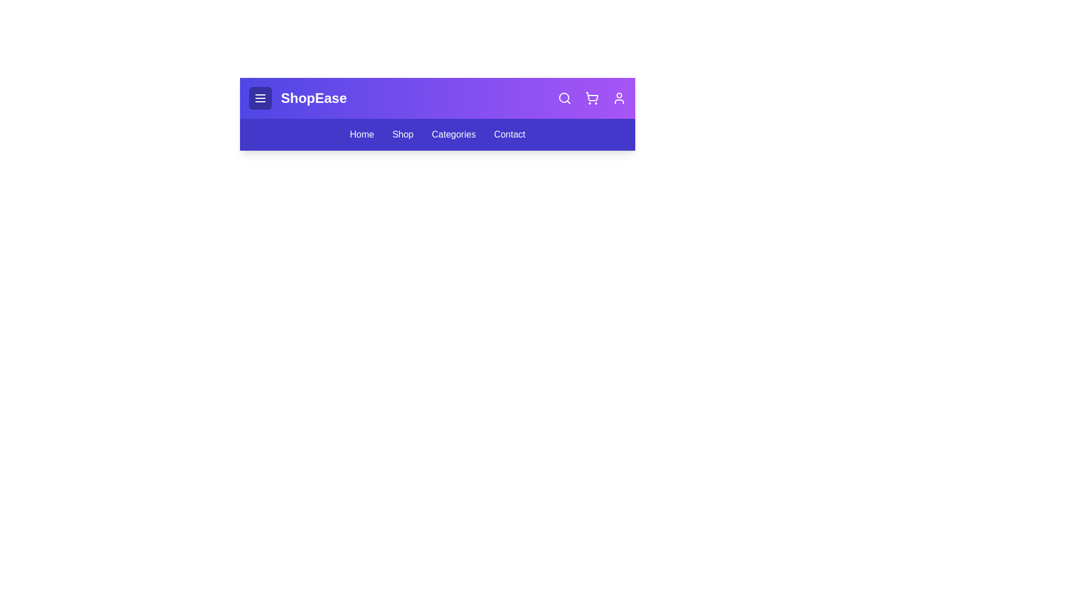 The image size is (1092, 614). I want to click on the title text 'ShopEase', so click(314, 98).